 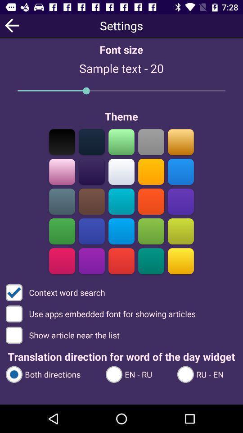 I want to click on choose theme color, so click(x=151, y=231).